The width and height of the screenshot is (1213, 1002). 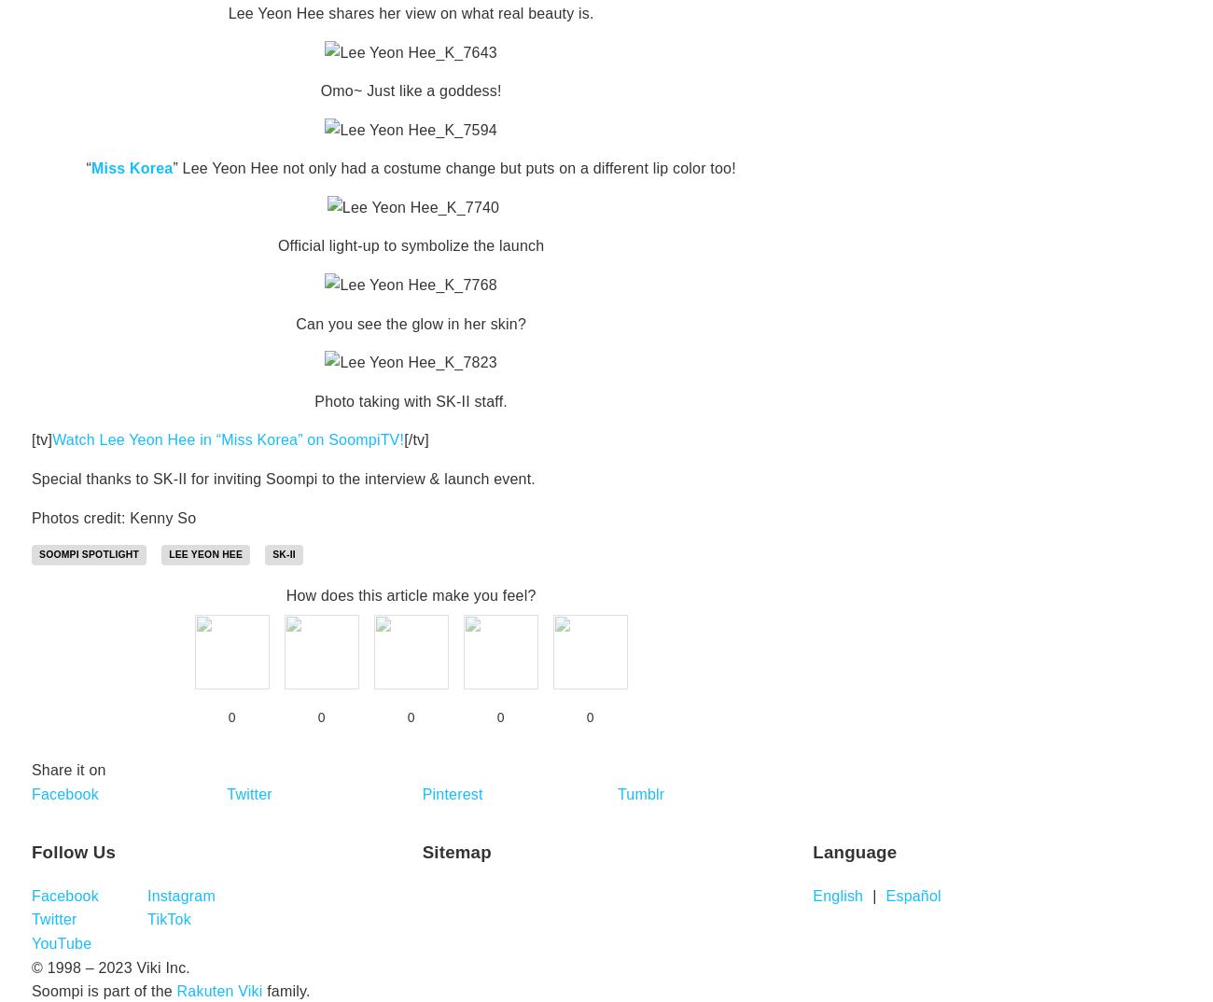 What do you see at coordinates (415, 438) in the screenshot?
I see `'[/tv]'` at bounding box center [415, 438].